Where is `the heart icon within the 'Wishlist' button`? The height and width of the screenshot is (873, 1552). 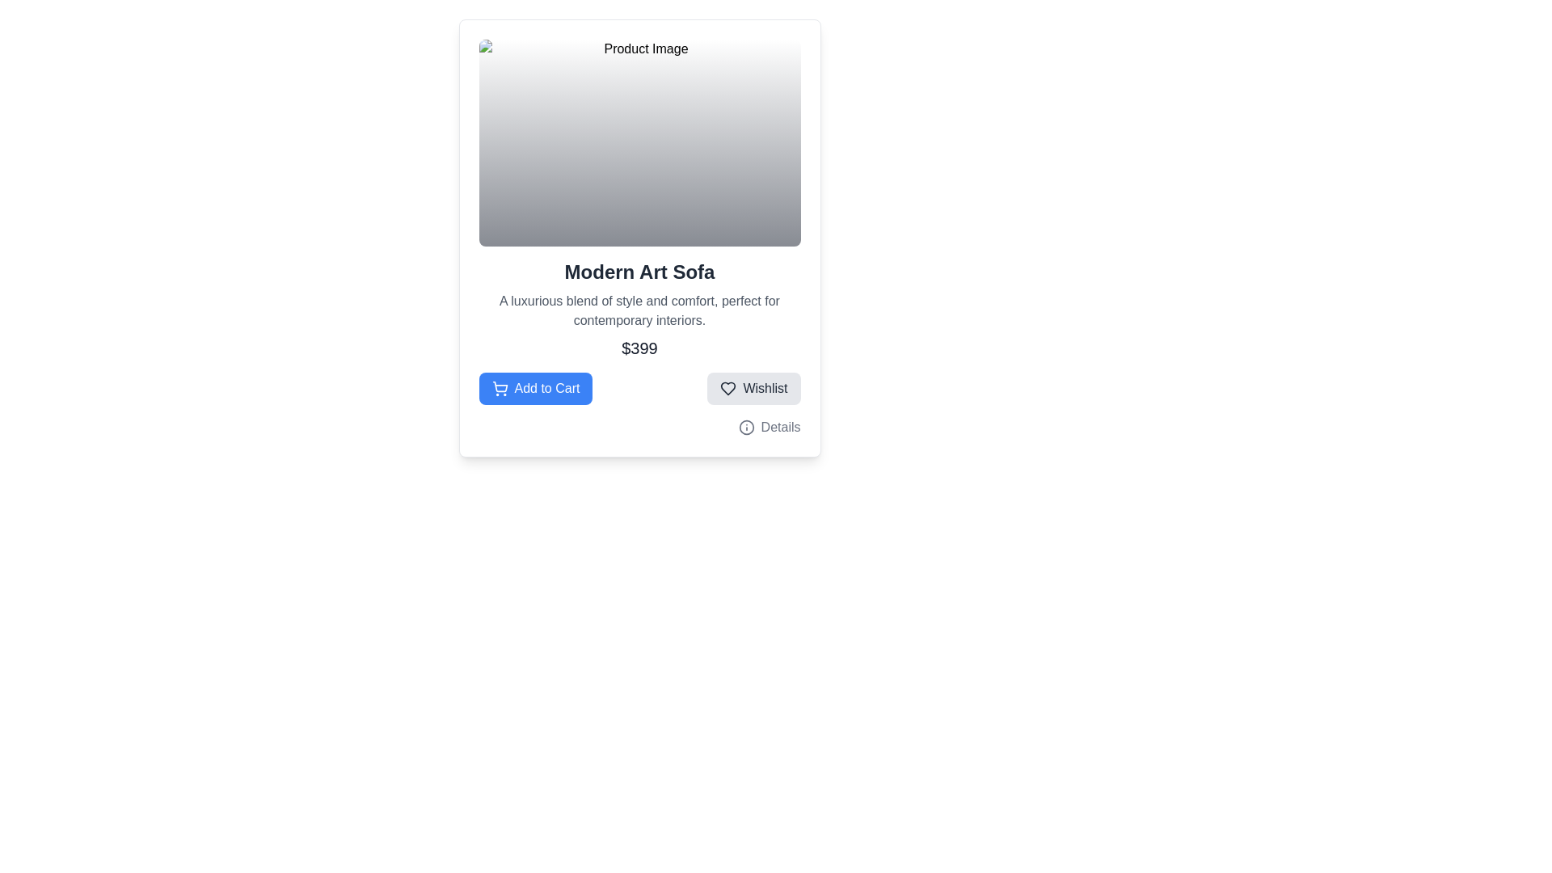 the heart icon within the 'Wishlist' button is located at coordinates (727, 389).